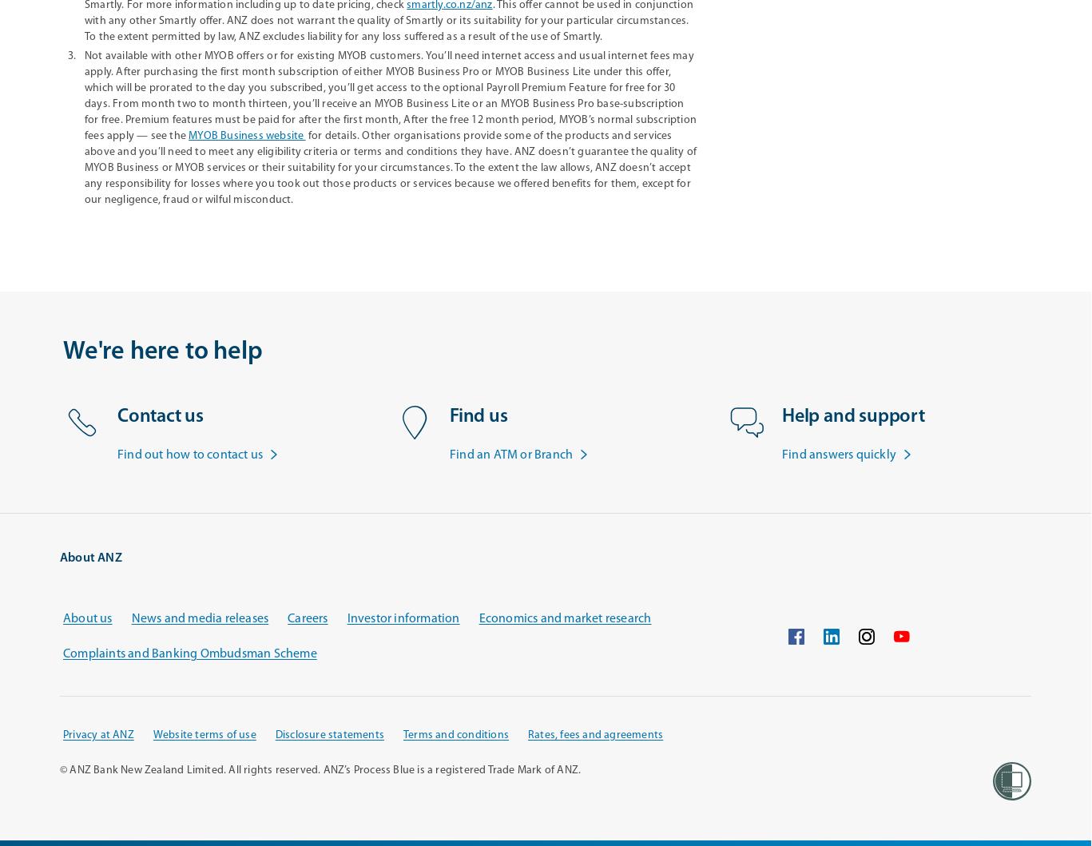 The image size is (1092, 846). I want to click on 'News and media releases', so click(130, 618).